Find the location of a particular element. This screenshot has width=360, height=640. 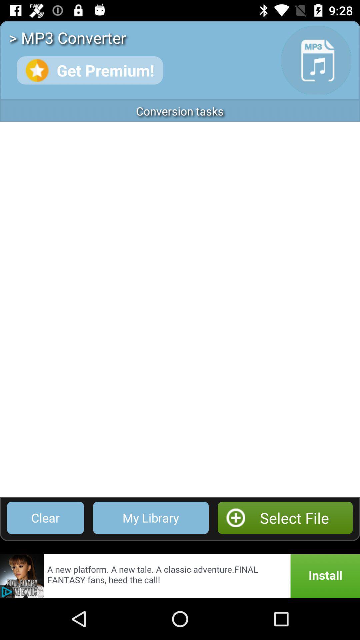

icon below the > mp3 converter is located at coordinates (89, 70).